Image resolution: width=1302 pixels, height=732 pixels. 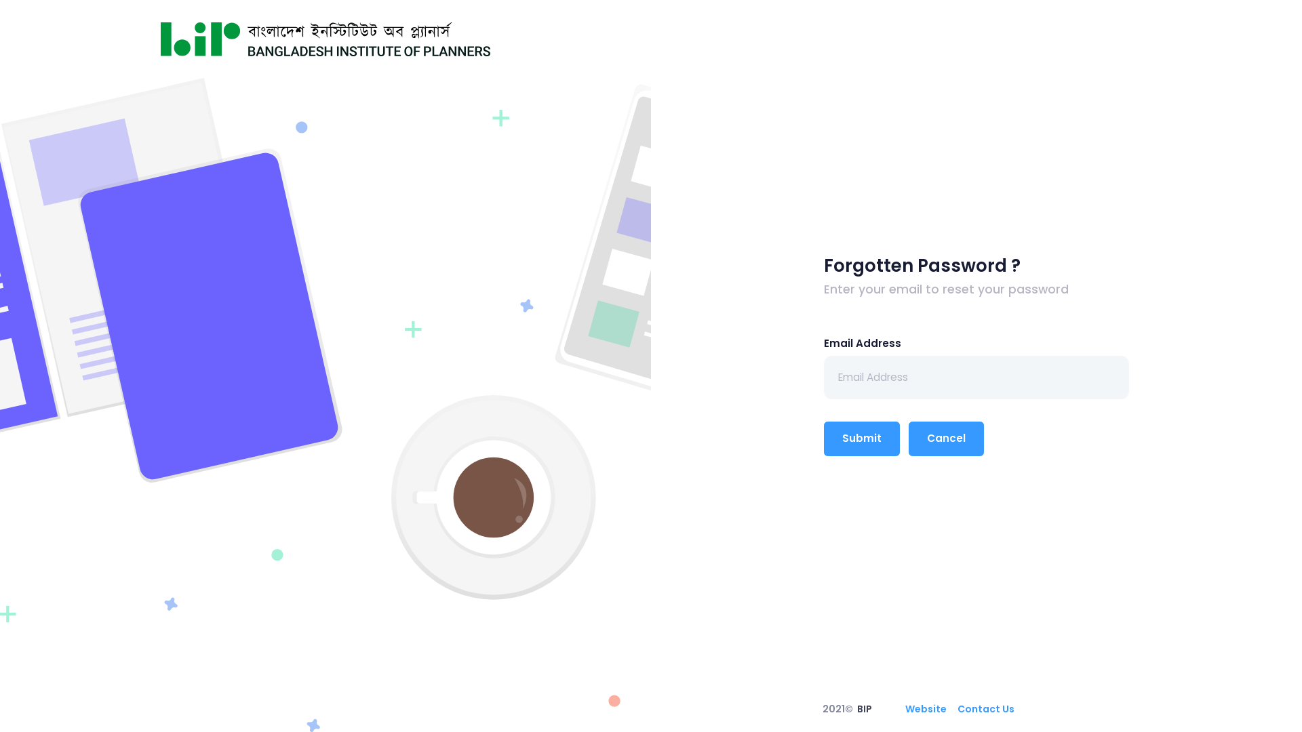 I want to click on 'Cancel', so click(x=945, y=439).